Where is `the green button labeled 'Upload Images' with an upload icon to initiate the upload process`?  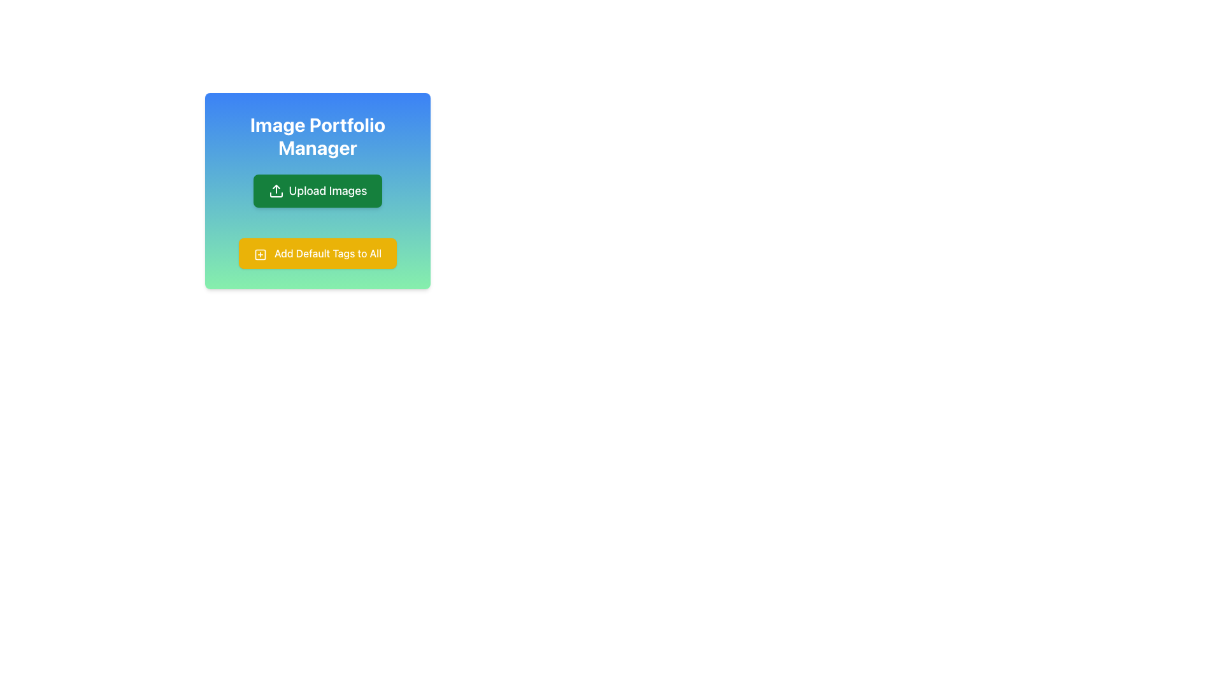 the green button labeled 'Upload Images' with an upload icon to initiate the upload process is located at coordinates (275, 191).